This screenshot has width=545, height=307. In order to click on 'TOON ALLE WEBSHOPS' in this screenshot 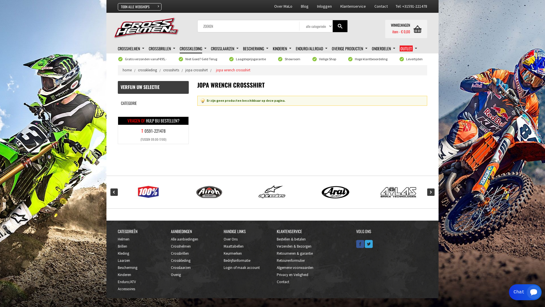, I will do `click(139, 7)`.